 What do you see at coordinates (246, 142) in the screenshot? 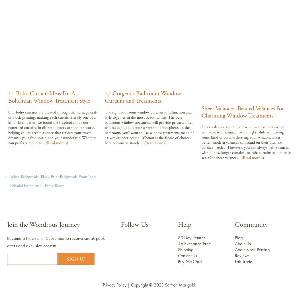
I see `'Sheer valances are the best window treatments when you want to maximize natural light while still having some kind of curtain dressing your window. Even better, modern valances can stand on their own–no cornice needed. However, you can always pair valances with blinds, longer curtains, or cafe curtains as a curtain set. Our sheer valance…'` at bounding box center [246, 142].